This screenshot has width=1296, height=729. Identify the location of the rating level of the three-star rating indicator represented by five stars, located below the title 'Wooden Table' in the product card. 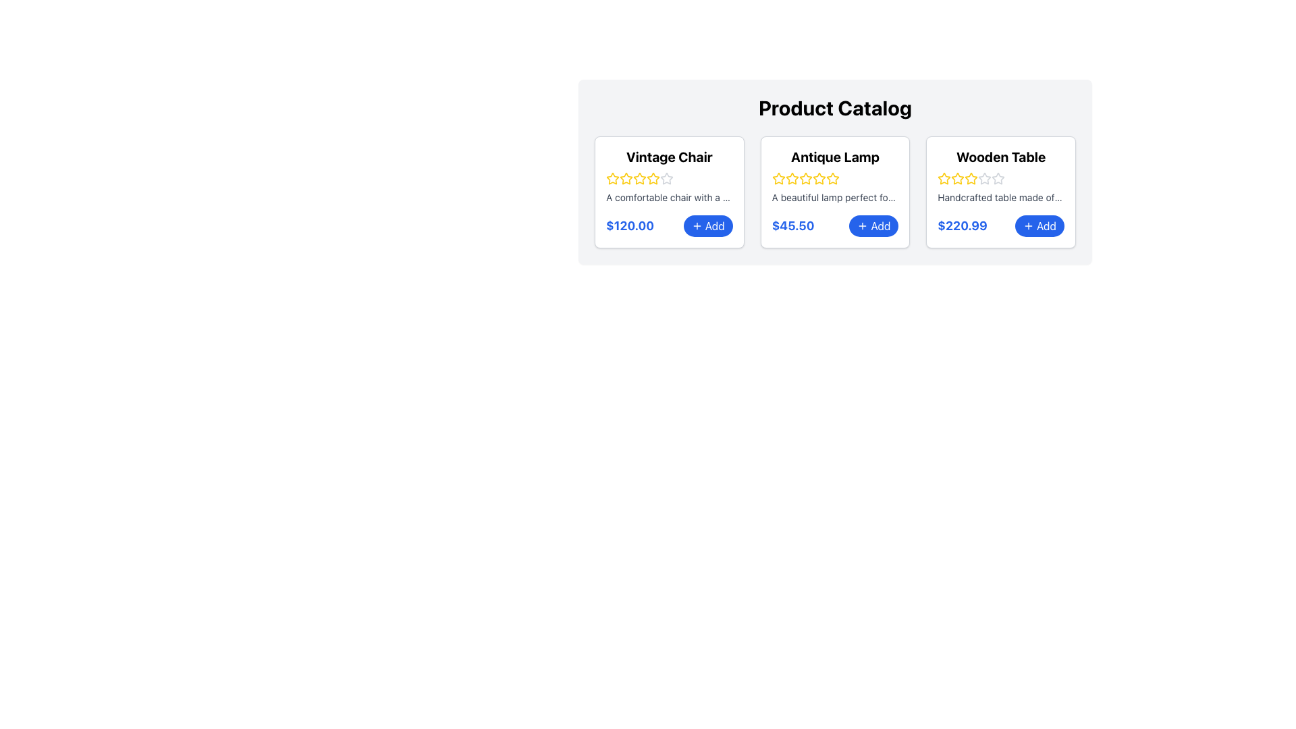
(1001, 178).